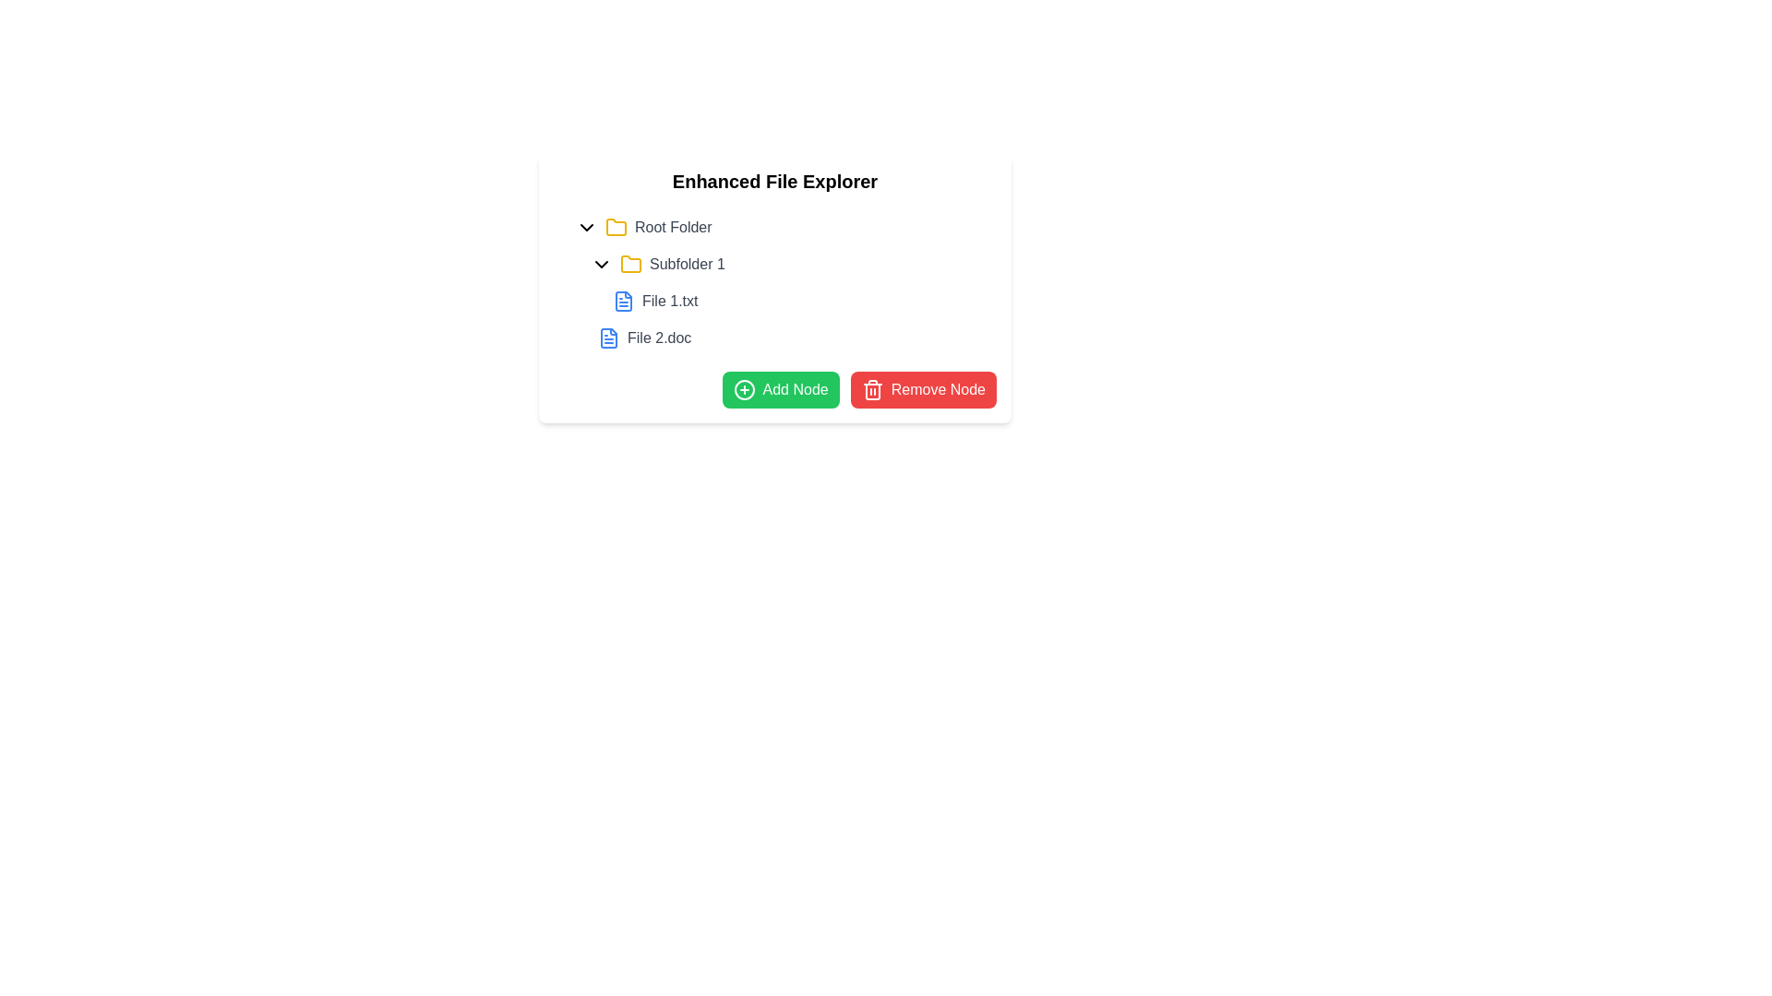 The width and height of the screenshot is (1772, 996). Describe the element at coordinates (616, 226) in the screenshot. I see `the folder represented by the leftmost icon in the row labeled 'Root Folder'` at that location.